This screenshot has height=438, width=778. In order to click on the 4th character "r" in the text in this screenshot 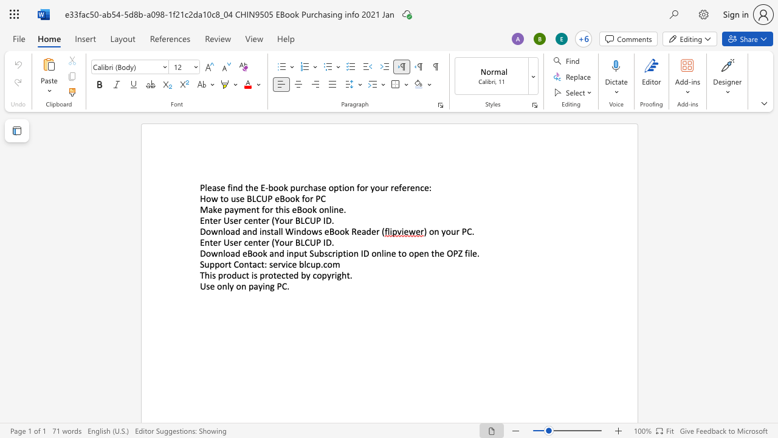, I will do `click(291, 242)`.